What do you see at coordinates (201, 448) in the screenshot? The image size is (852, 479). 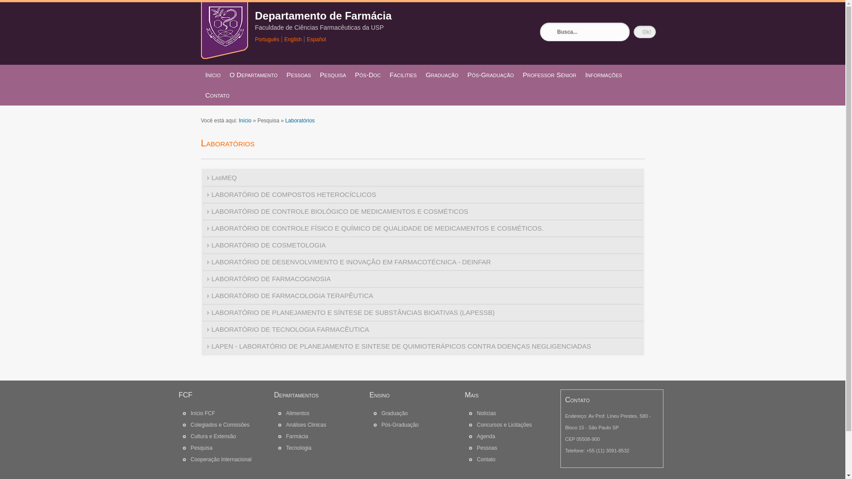 I see `'Pesquisa'` at bounding box center [201, 448].